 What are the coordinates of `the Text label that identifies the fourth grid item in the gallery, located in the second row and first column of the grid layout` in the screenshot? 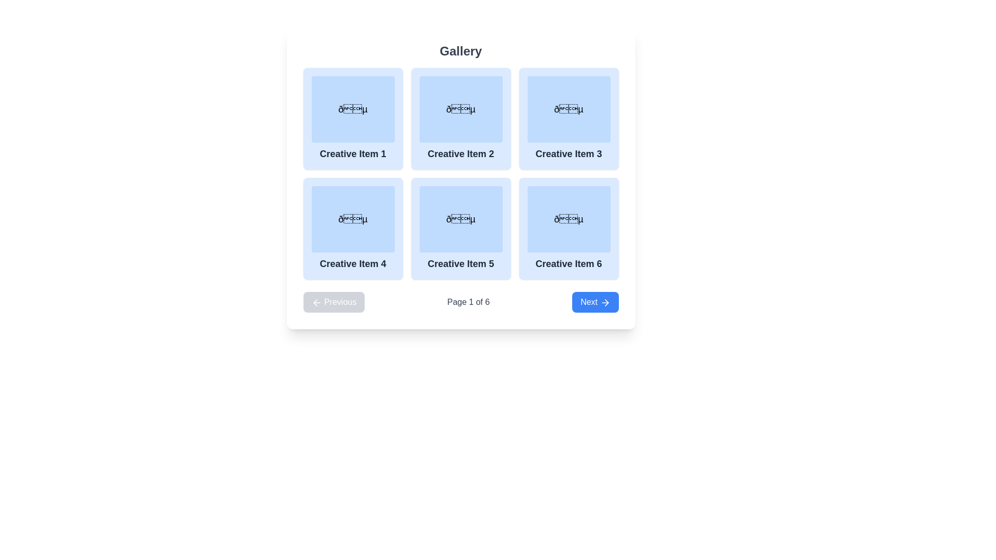 It's located at (353, 263).